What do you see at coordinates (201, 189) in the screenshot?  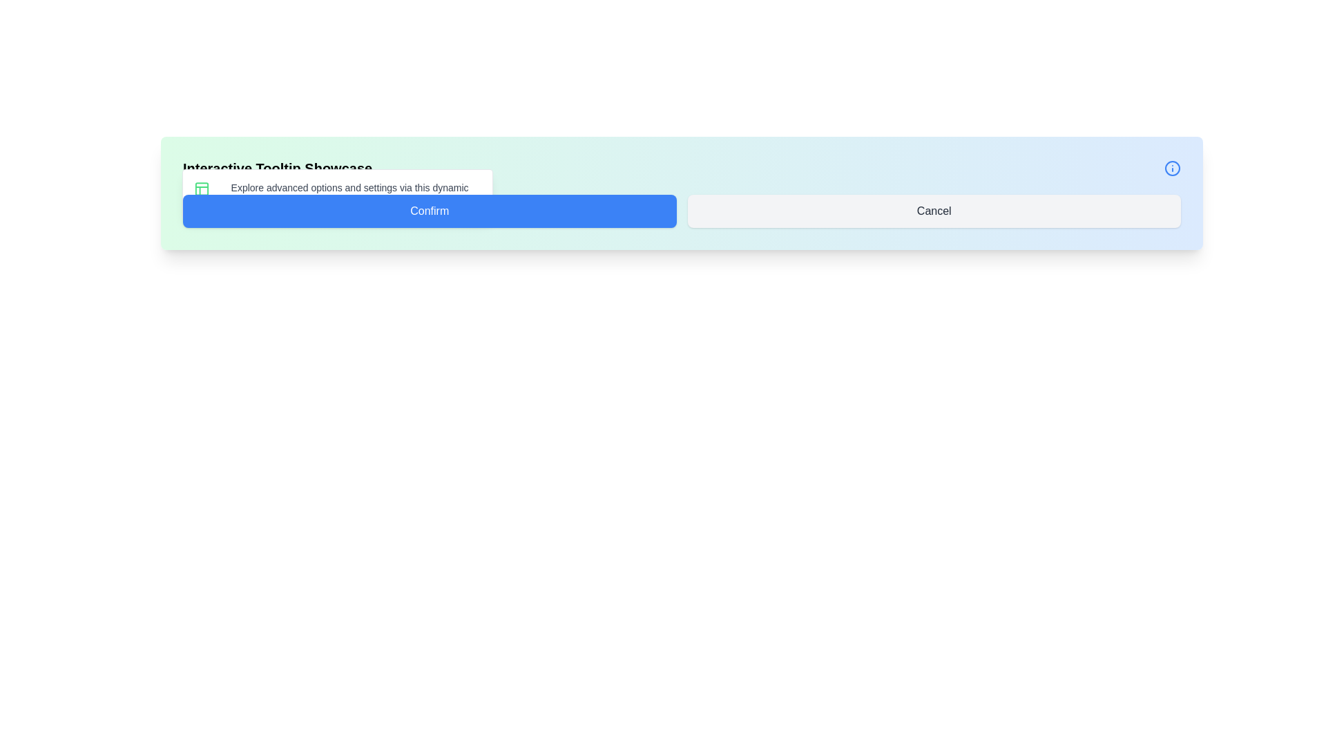 I see `the green SVG icon shaped like a 'T' located to the left of the text 'Explore advanced options and settings via this dynamic feature.'` at bounding box center [201, 189].